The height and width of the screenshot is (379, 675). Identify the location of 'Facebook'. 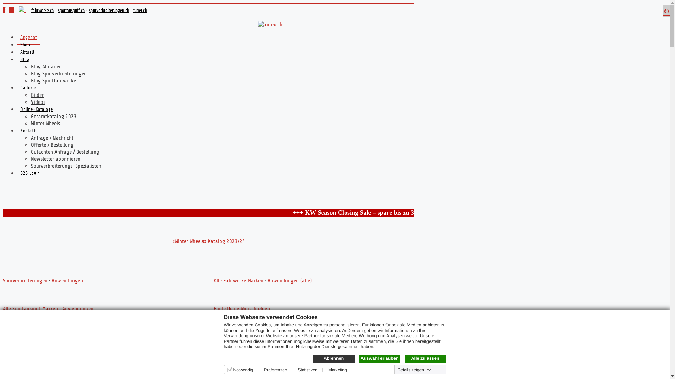
(3, 10).